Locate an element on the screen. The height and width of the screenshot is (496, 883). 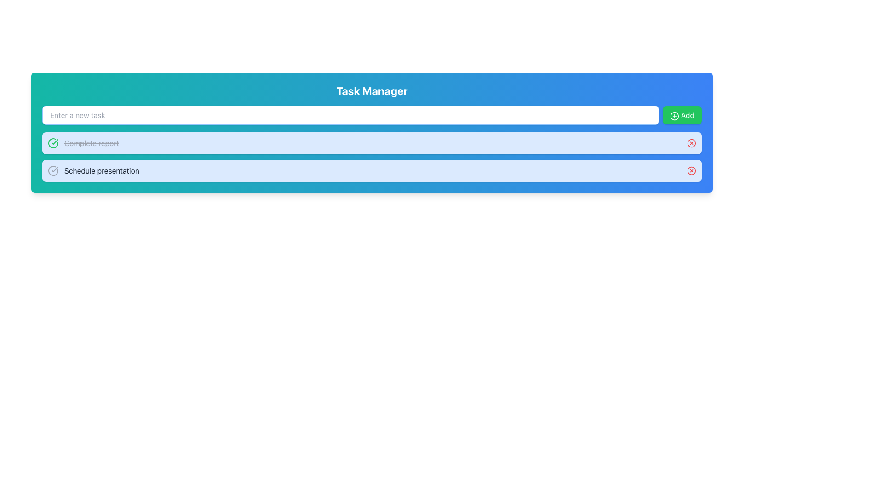
the text label displaying the title of the completed task 'Complete report' which has a strikethrough style and is located above the 'Schedule presentation' task is located at coordinates (92, 143).